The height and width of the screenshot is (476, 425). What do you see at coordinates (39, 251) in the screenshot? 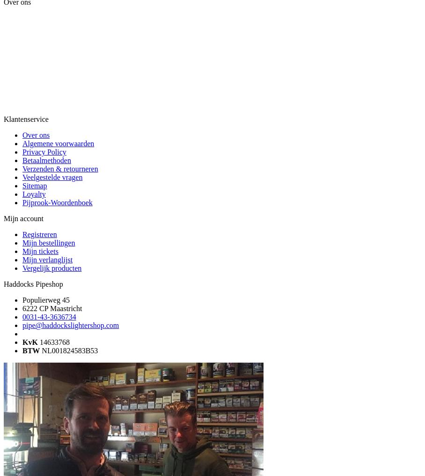
I see `'Mijn tickets'` at bounding box center [39, 251].